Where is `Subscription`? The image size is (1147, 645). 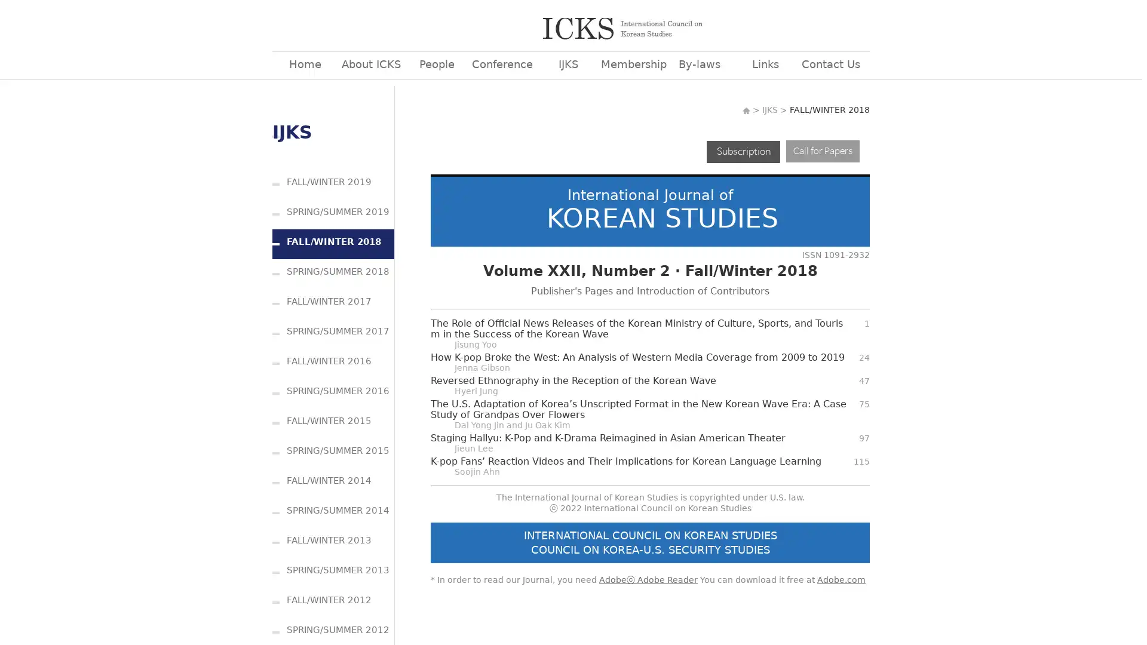 Subscription is located at coordinates (743, 150).